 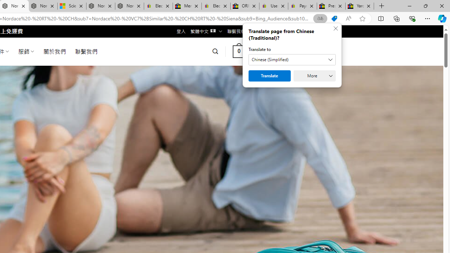 What do you see at coordinates (425, 6) in the screenshot?
I see `'Restore'` at bounding box center [425, 6].